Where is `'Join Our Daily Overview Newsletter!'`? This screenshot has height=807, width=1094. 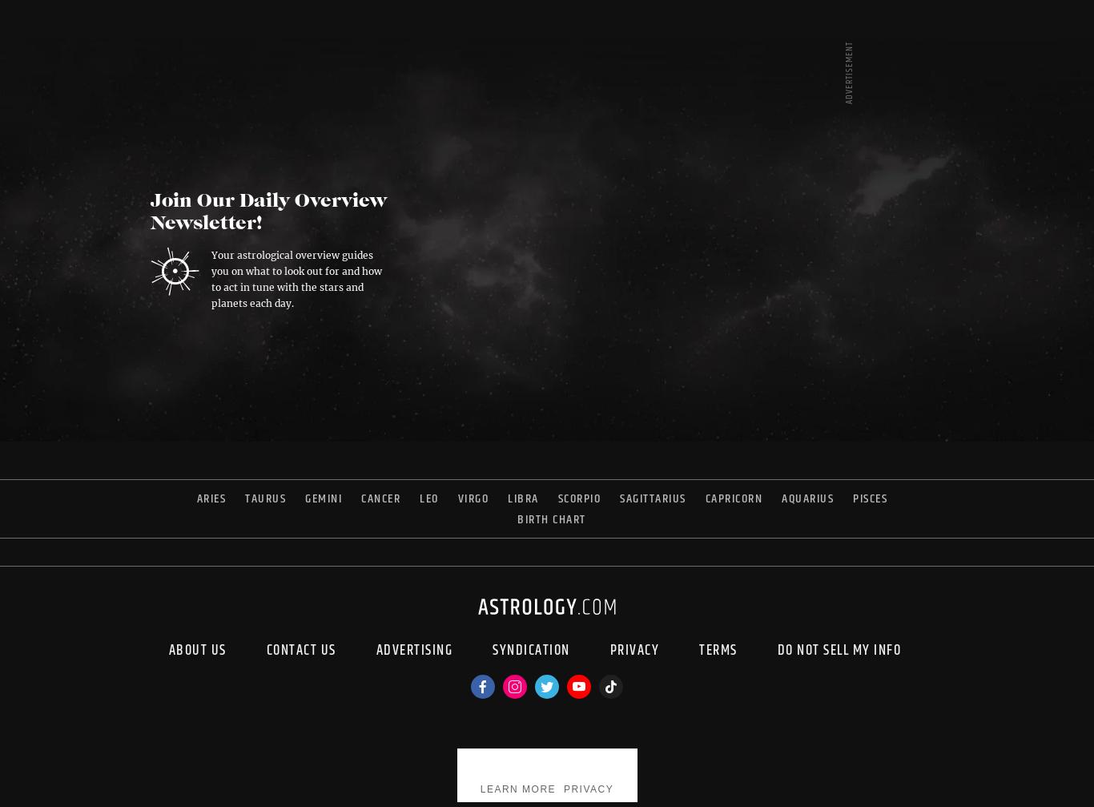 'Join Our Daily Overview Newsletter!' is located at coordinates (149, 212).